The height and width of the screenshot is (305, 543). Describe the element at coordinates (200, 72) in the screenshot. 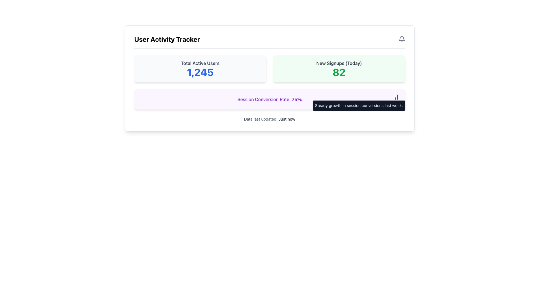

I see `the static text label displaying the total active users count, located in the middle-left section of the interface, directly below 'Total Active Users'` at that location.